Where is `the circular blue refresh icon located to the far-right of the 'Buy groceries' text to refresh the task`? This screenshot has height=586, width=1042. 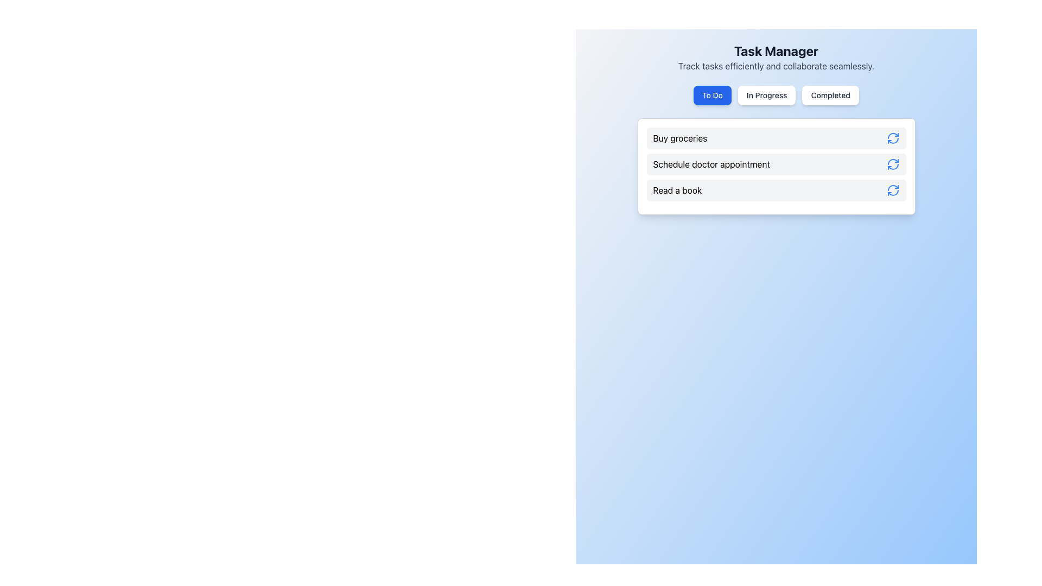
the circular blue refresh icon located to the far-right of the 'Buy groceries' text to refresh the task is located at coordinates (893, 137).